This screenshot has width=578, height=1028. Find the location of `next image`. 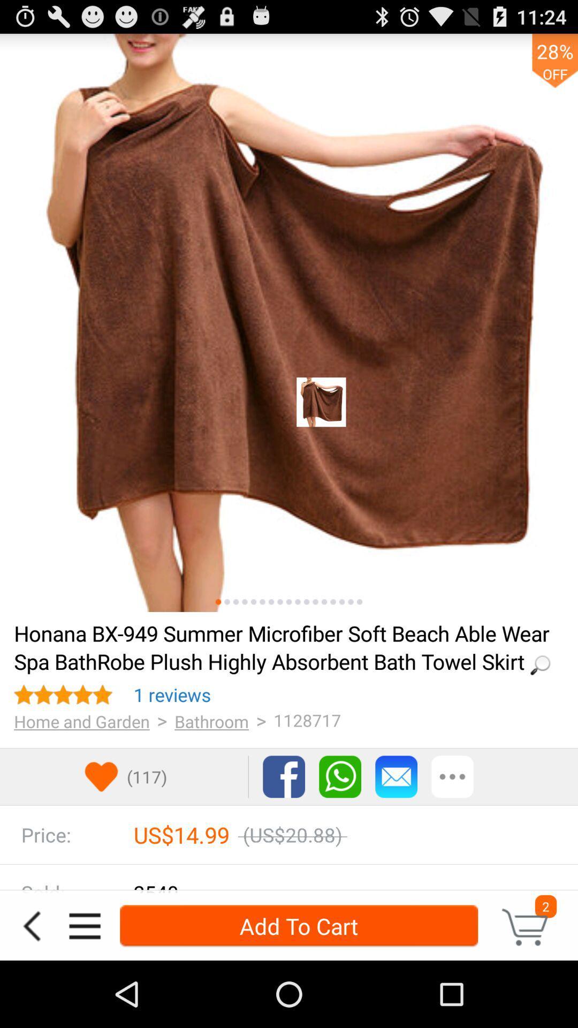

next image is located at coordinates (226, 602).